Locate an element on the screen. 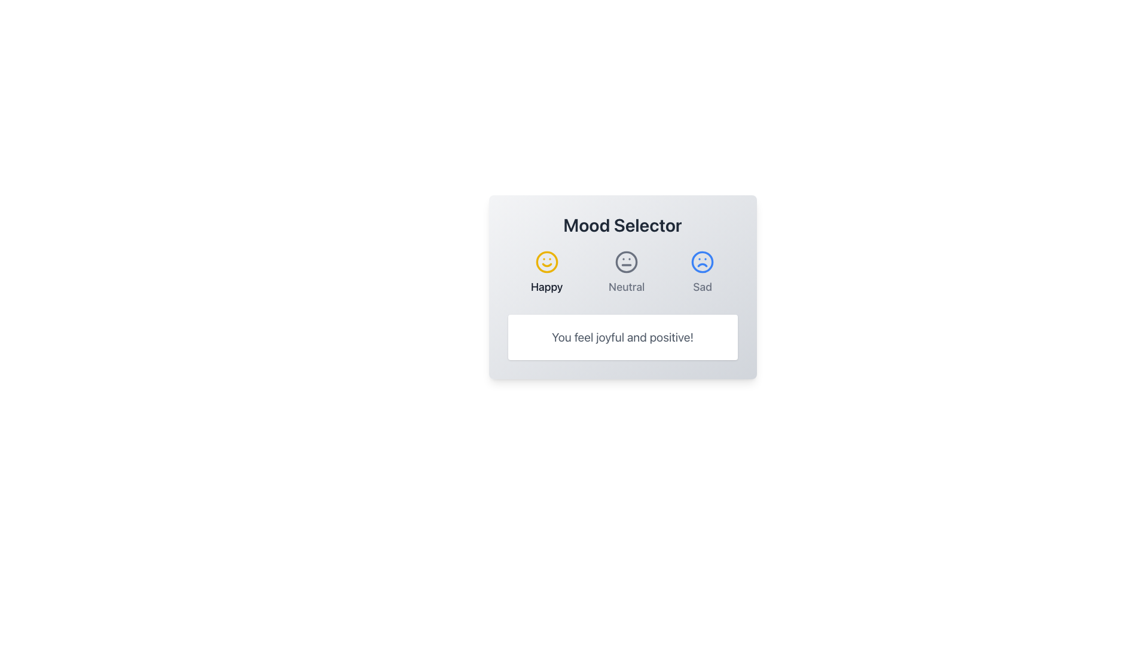 This screenshot has height=645, width=1148. the selectable mood icon representing 'Sad' in the mood selection interface is located at coordinates (703, 262).